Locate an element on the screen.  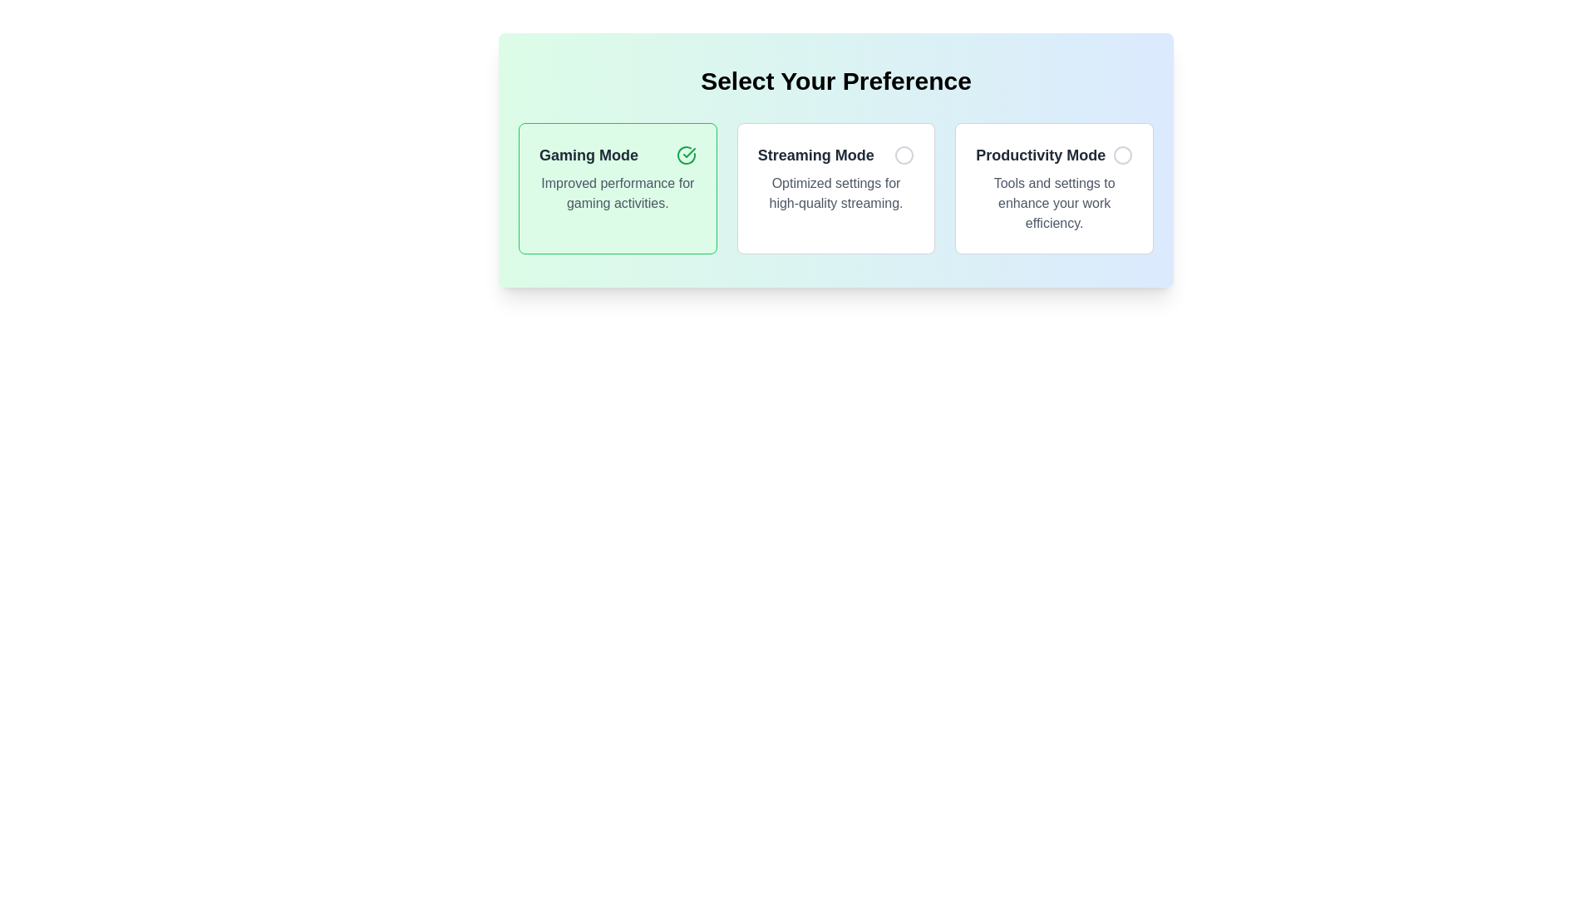
the 'Streaming Mode' label and icon located in the center card of three horizontally displayed cards is located at coordinates (836, 155).